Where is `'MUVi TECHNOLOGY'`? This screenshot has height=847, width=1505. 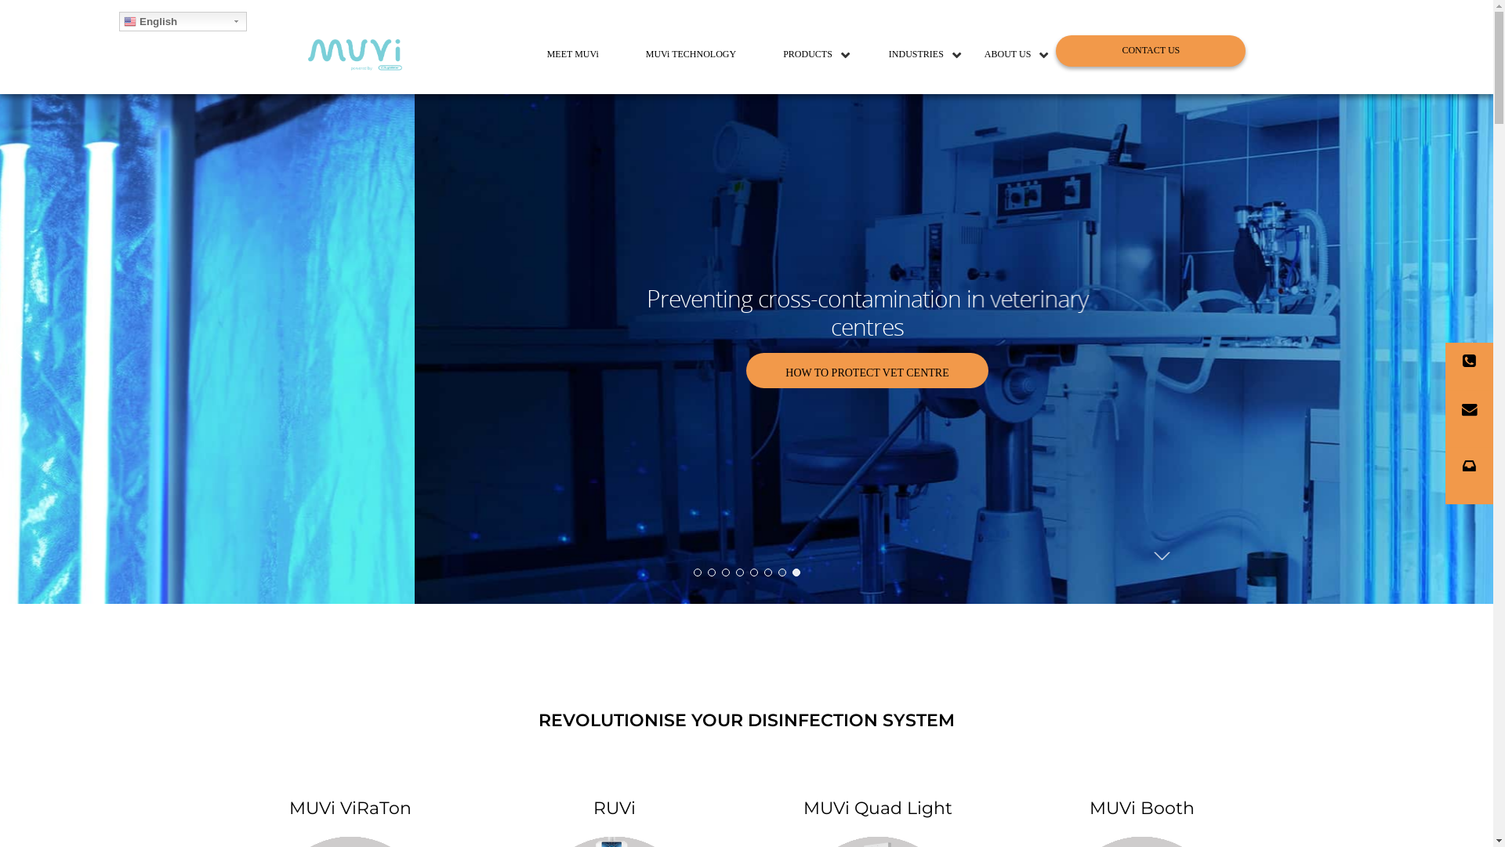
'MUVi TECHNOLOGY' is located at coordinates (690, 53).